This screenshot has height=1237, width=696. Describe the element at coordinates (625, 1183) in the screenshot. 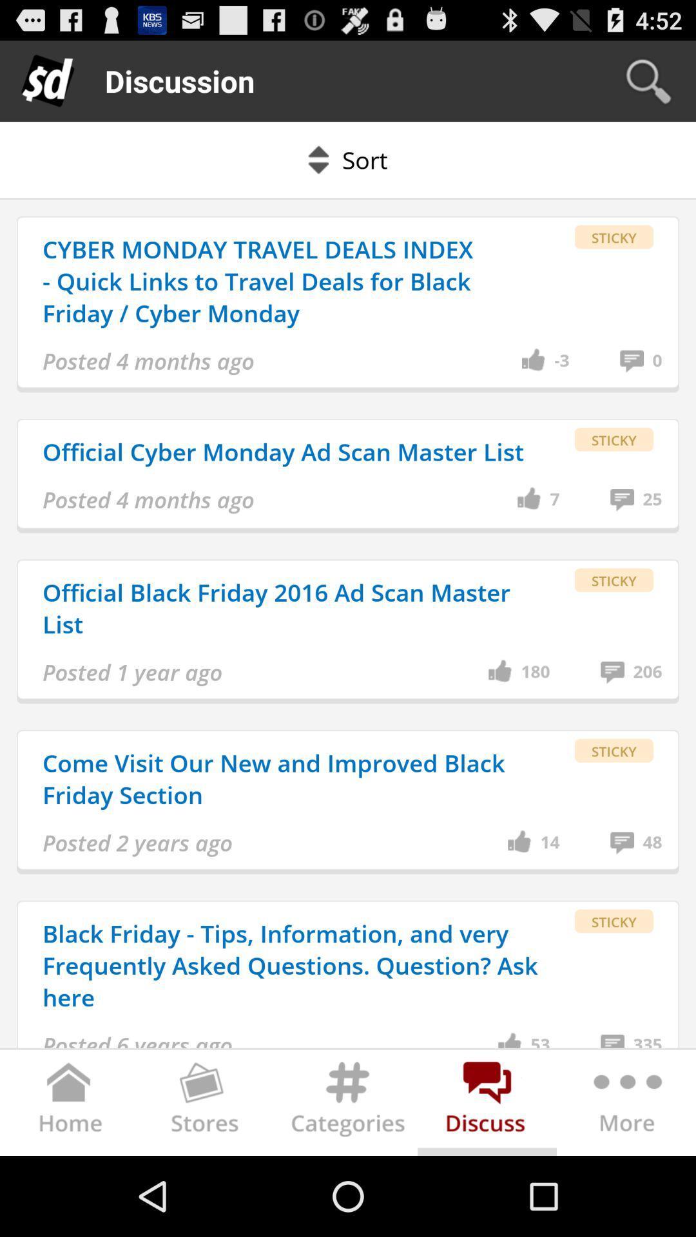

I see `the more icon` at that location.